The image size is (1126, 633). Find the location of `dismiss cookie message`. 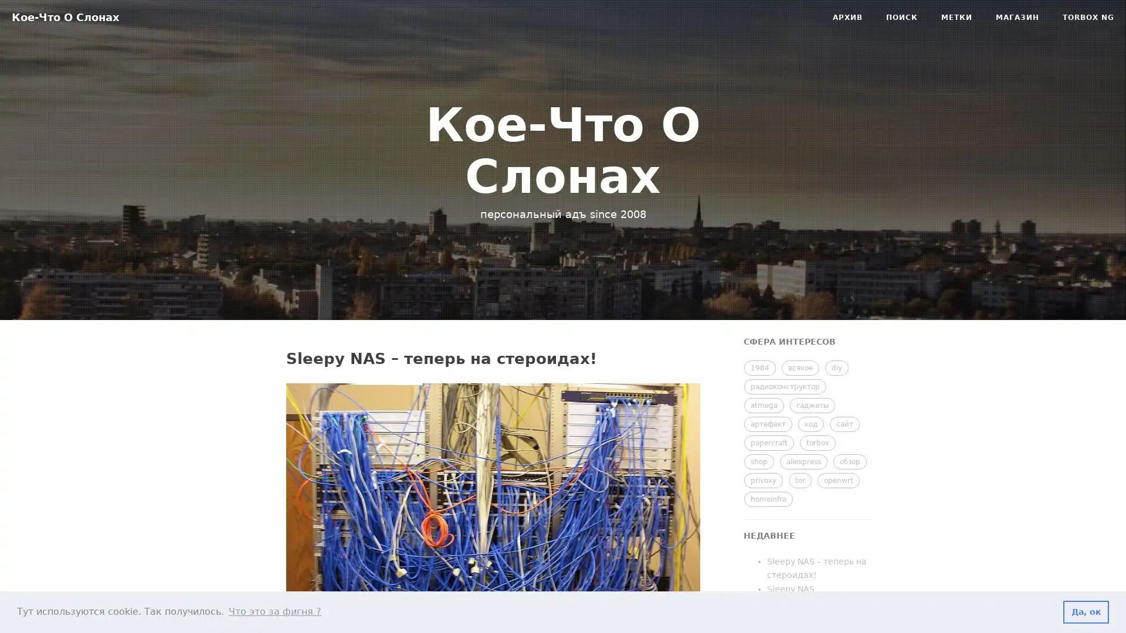

dismiss cookie message is located at coordinates (1086, 611).